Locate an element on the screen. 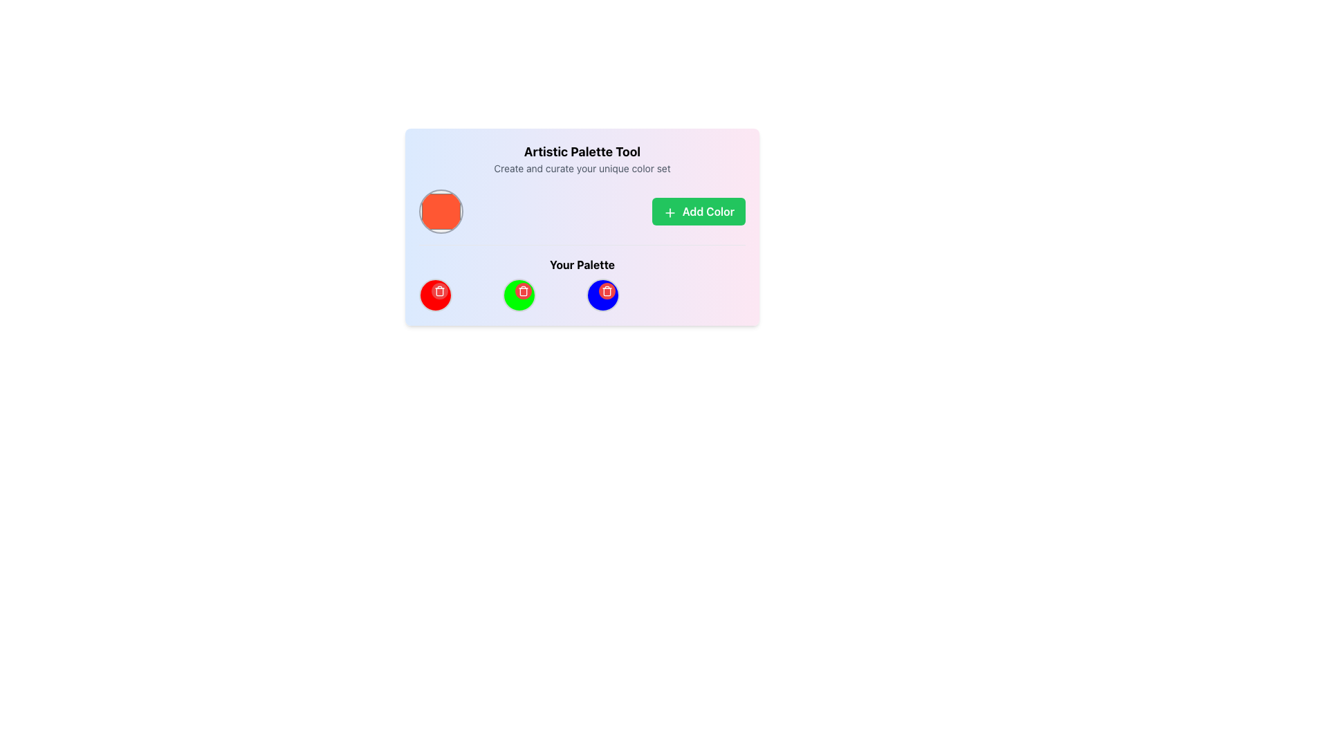 The width and height of the screenshot is (1328, 747). the delete button icon, which is the first red circular icon in the 'Your Palette' section is located at coordinates (434, 295).